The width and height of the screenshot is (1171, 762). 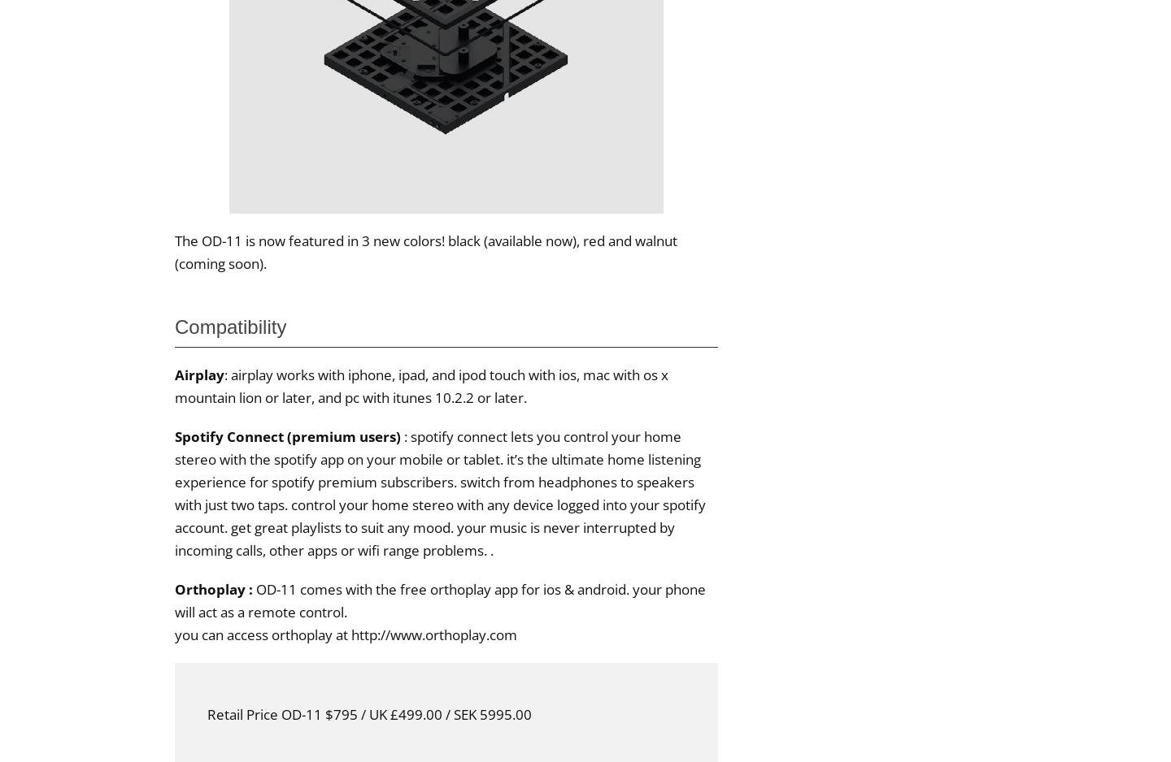 What do you see at coordinates (229, 325) in the screenshot?
I see `'Compatibility'` at bounding box center [229, 325].